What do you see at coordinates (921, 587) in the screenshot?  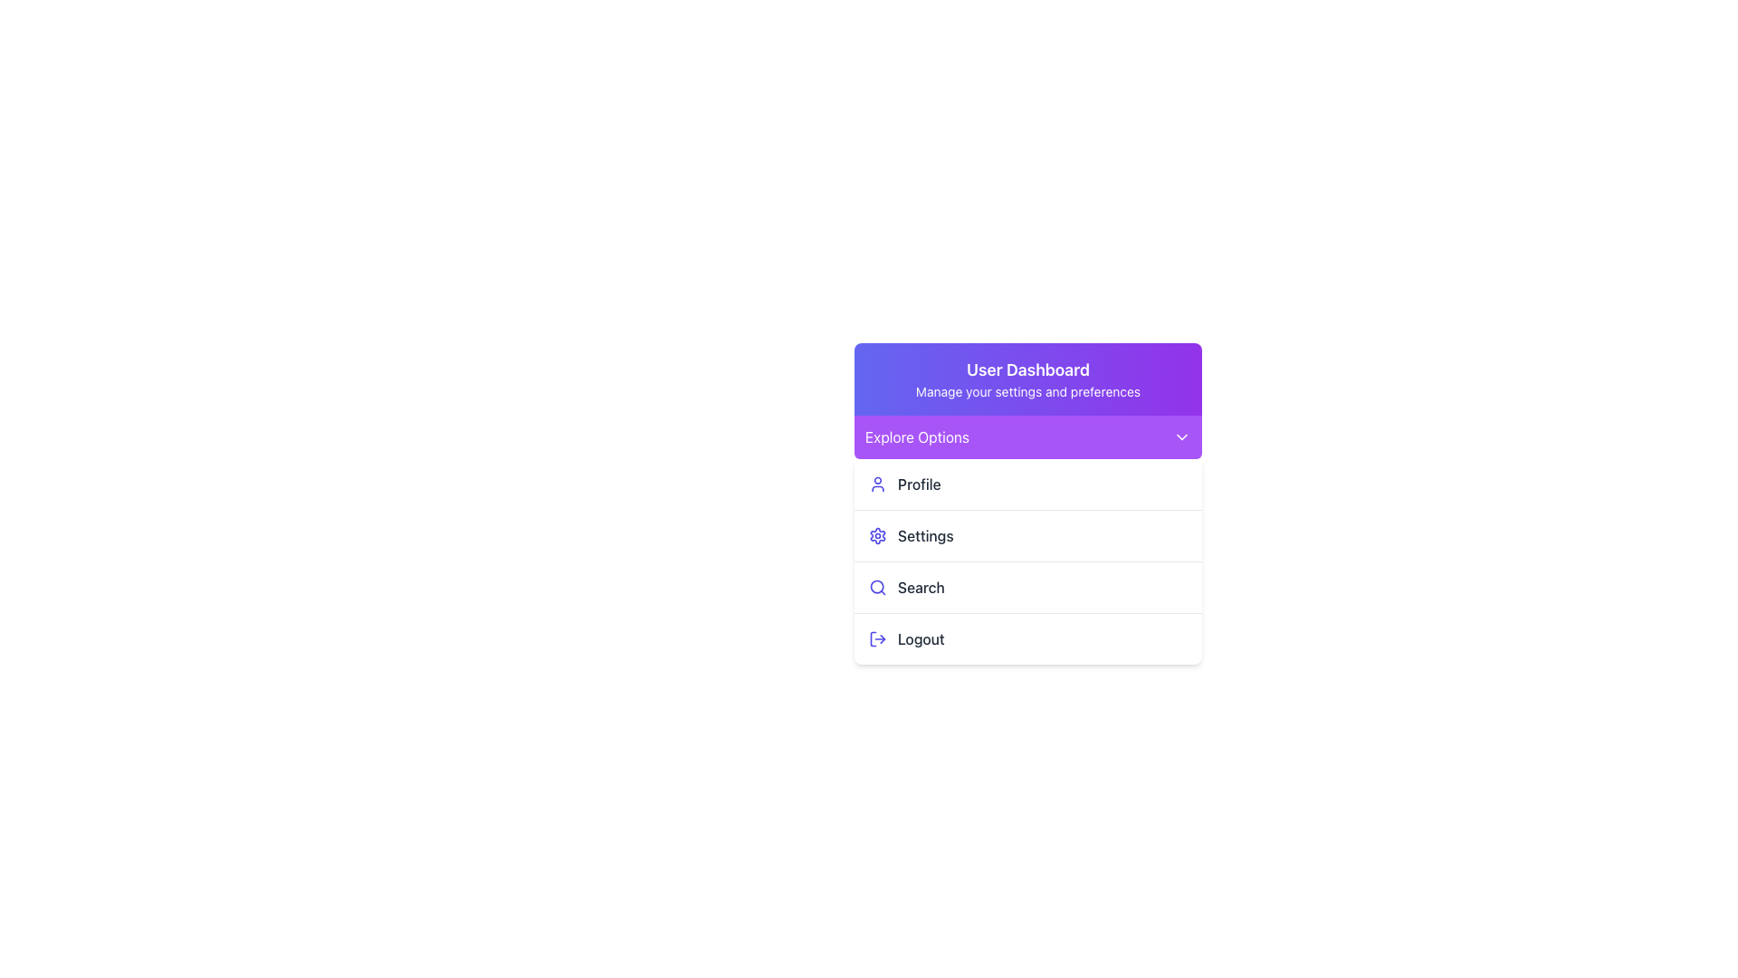 I see `the 'Search' text label displayed in medium-weight gray font` at bounding box center [921, 587].